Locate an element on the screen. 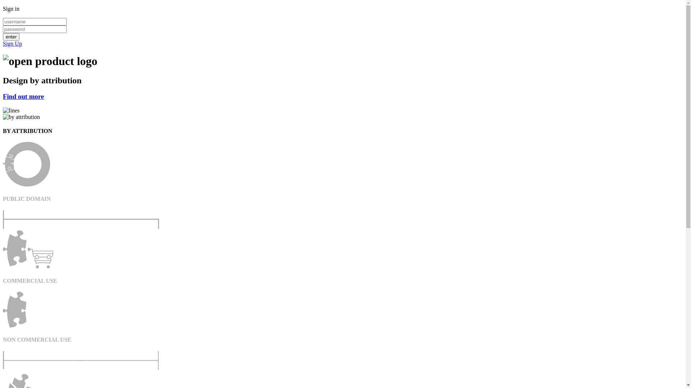 This screenshot has height=388, width=691. 'Find out more' is located at coordinates (3, 96).